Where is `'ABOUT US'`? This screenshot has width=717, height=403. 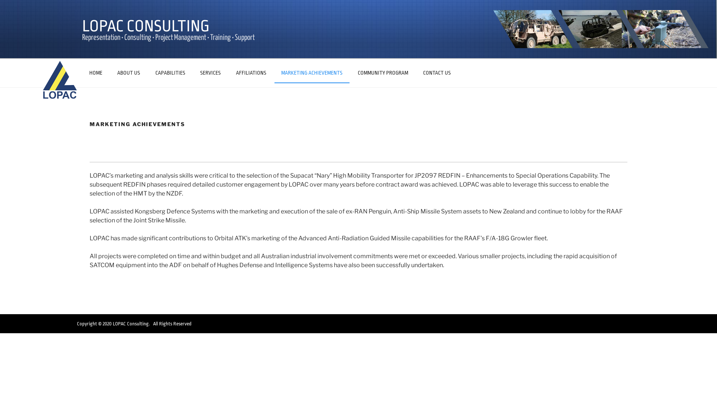 'ABOUT US' is located at coordinates (110, 72).